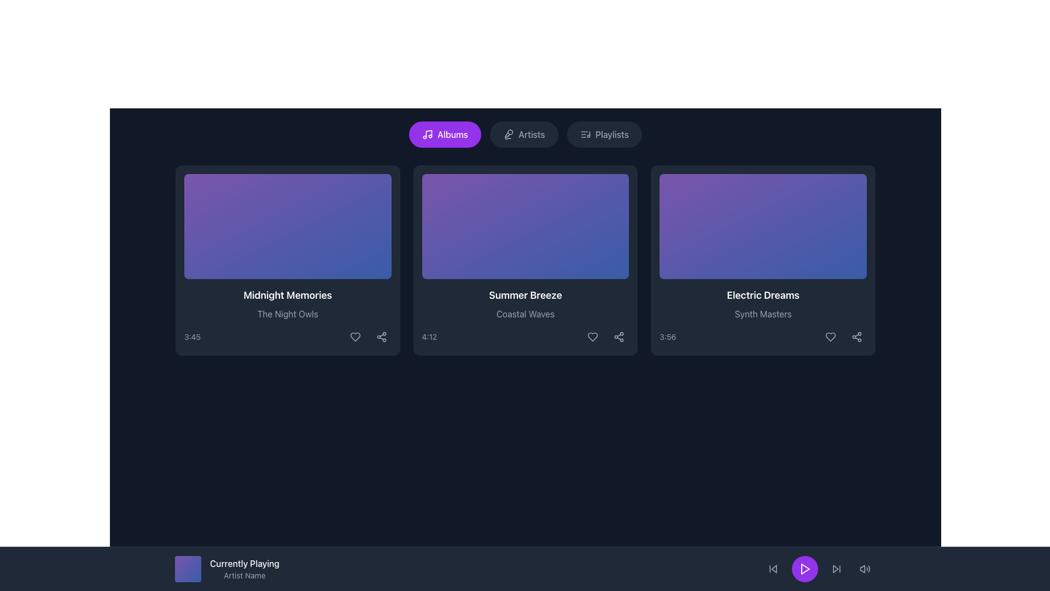  I want to click on the 'Summer Breeze' text label, which is styled in white, bold font, prominently displayed as the title of an item within the second card under the 'Albums' section, so click(525, 296).